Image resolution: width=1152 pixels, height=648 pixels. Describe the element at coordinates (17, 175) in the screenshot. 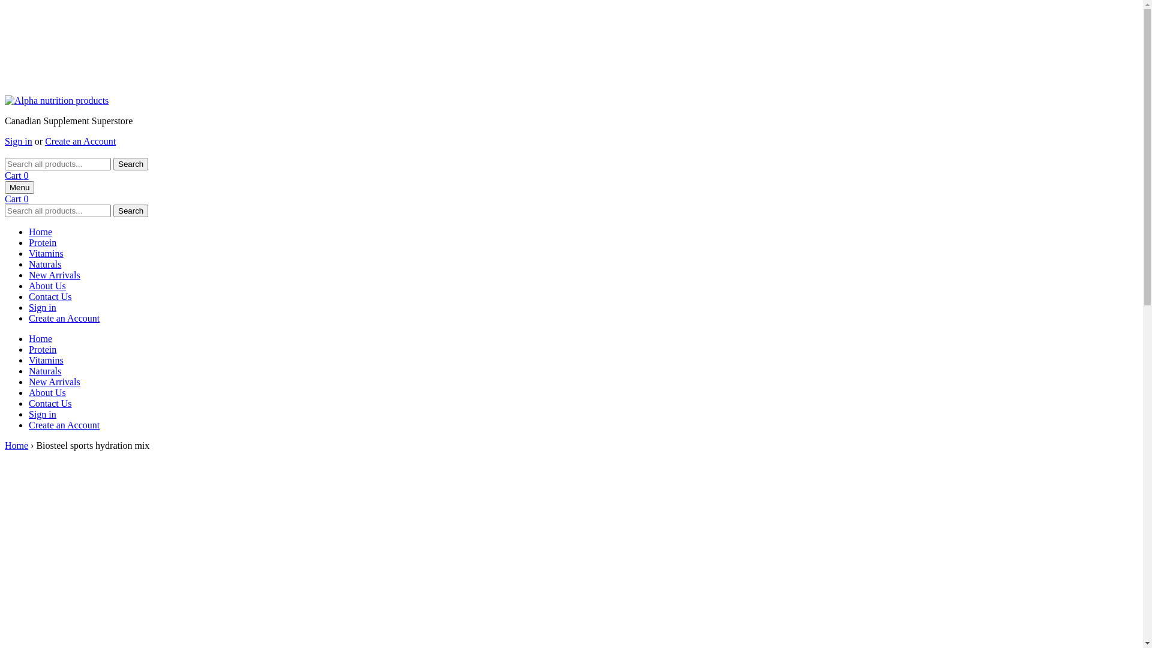

I see `'Cart 0'` at that location.